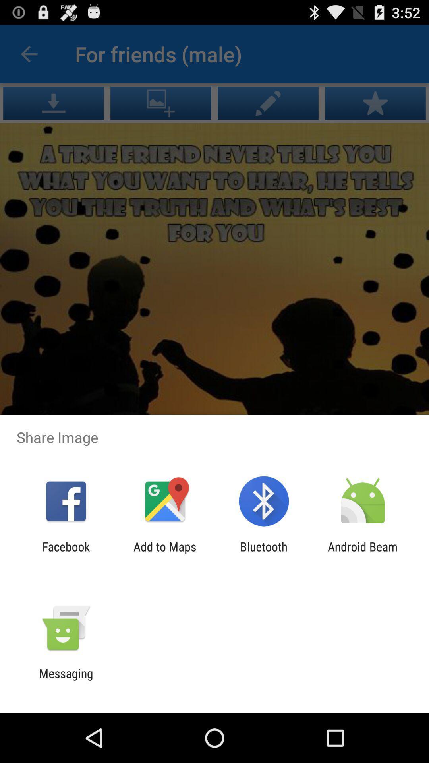 The height and width of the screenshot is (763, 429). I want to click on the icon next to bluetooth item, so click(363, 553).